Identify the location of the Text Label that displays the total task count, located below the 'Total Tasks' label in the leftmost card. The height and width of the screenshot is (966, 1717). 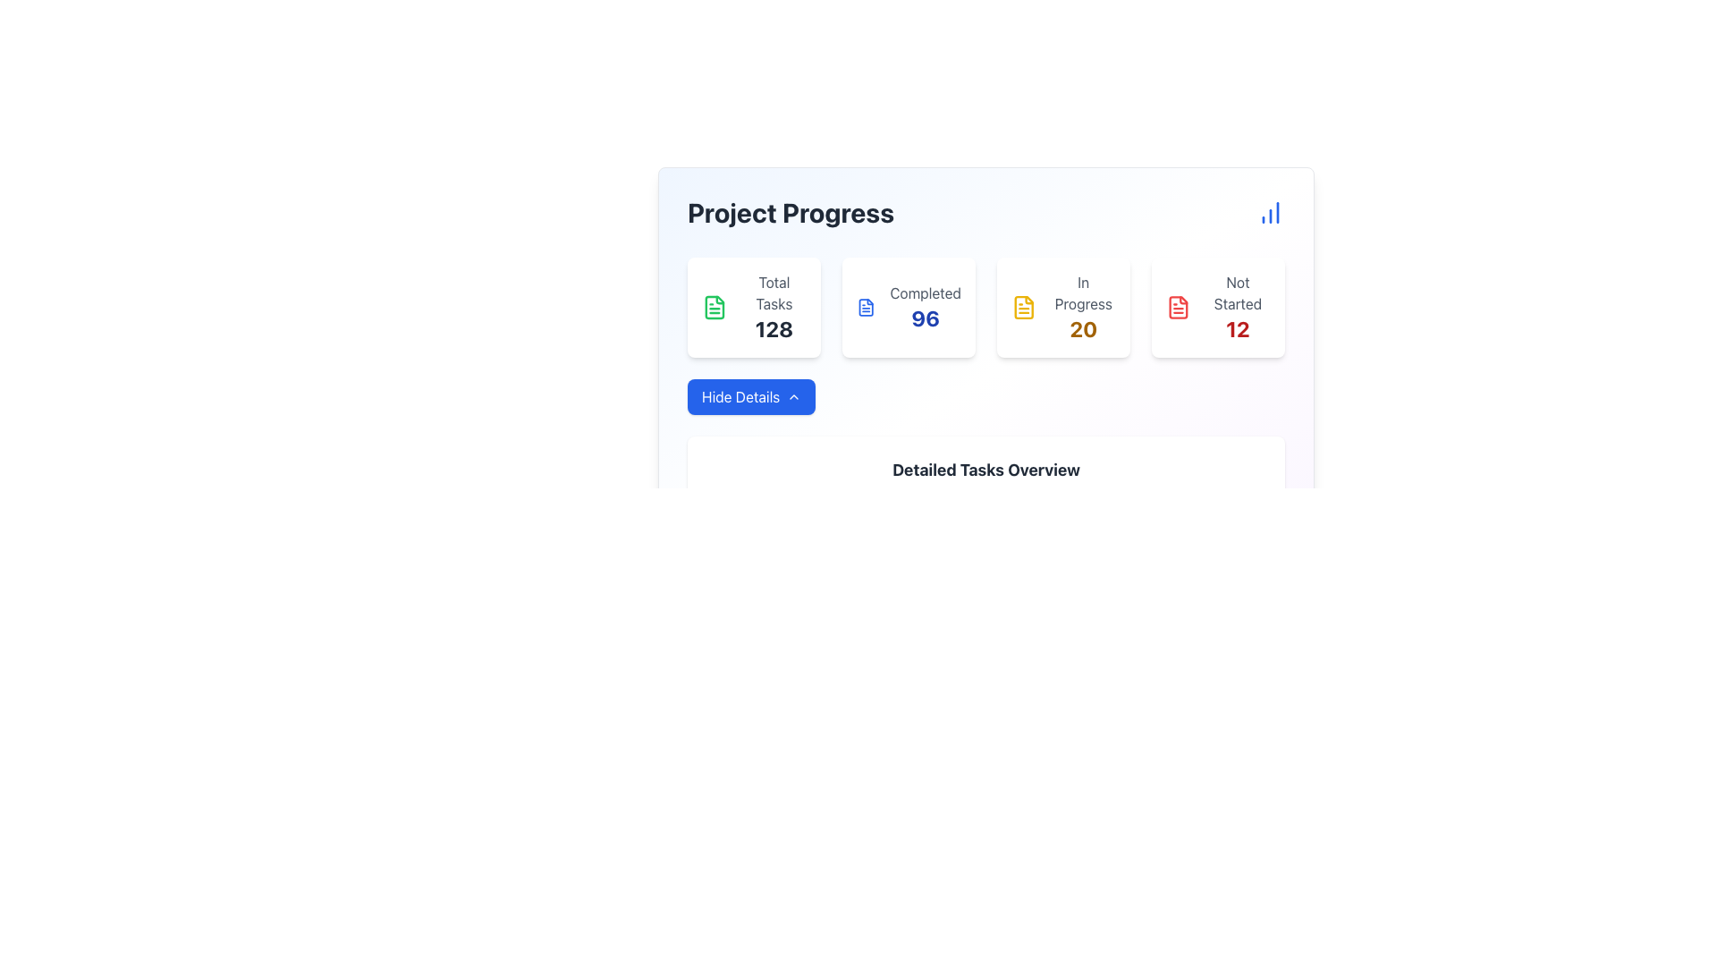
(774, 328).